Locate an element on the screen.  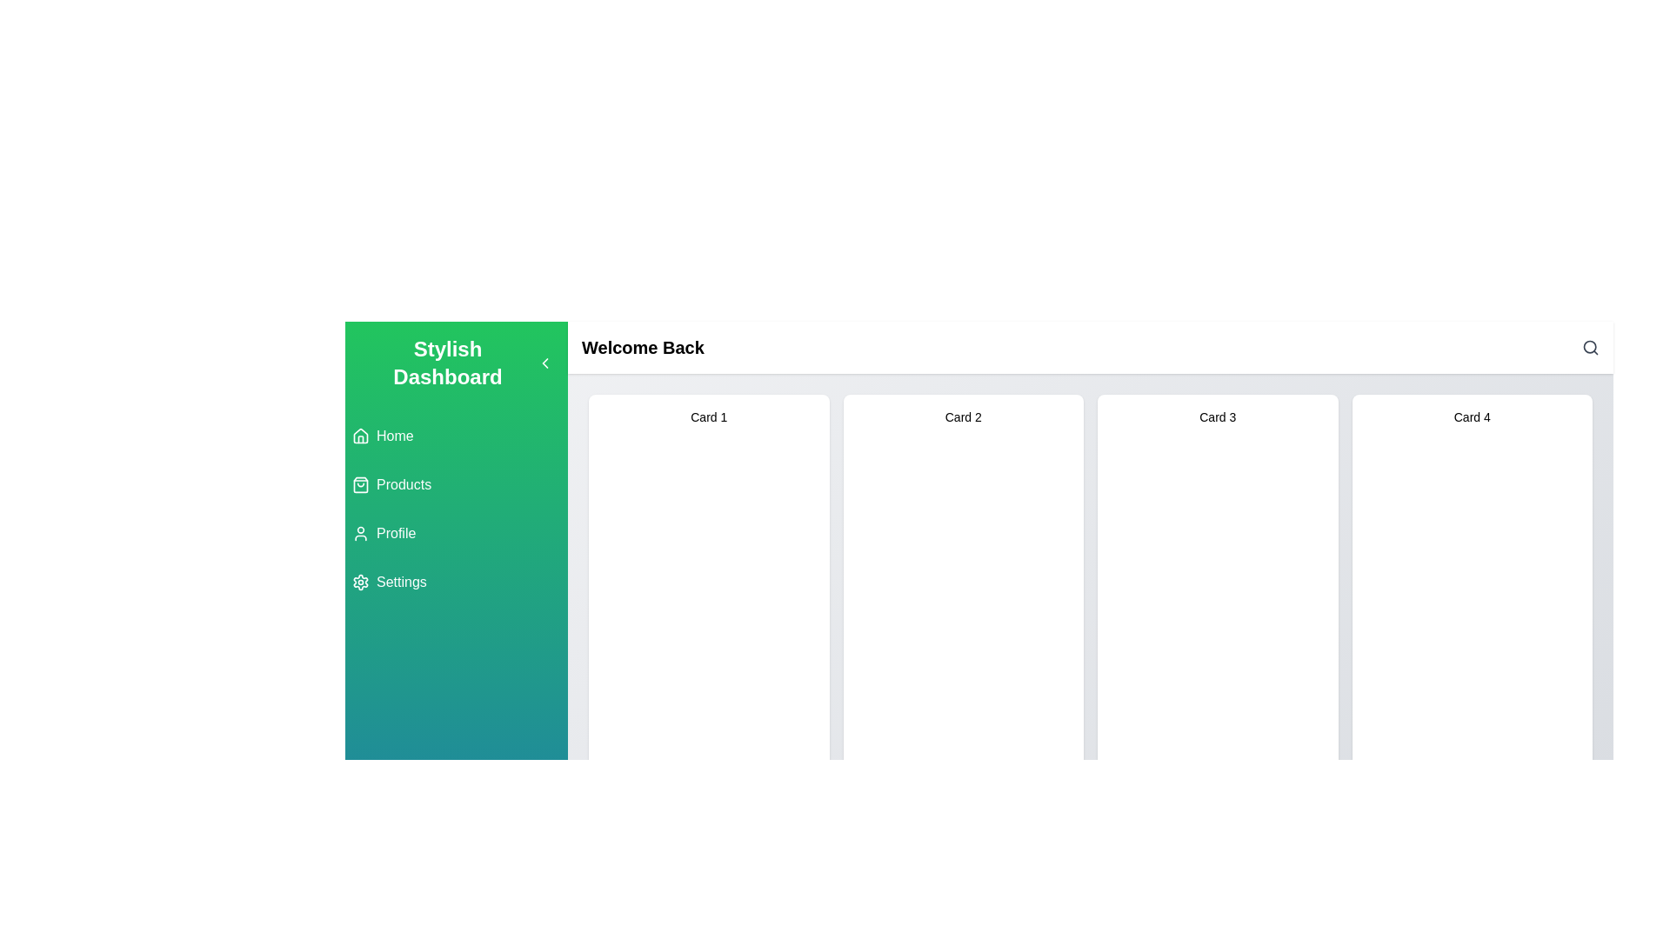
the 'Settings' icon located is located at coordinates (359, 583).